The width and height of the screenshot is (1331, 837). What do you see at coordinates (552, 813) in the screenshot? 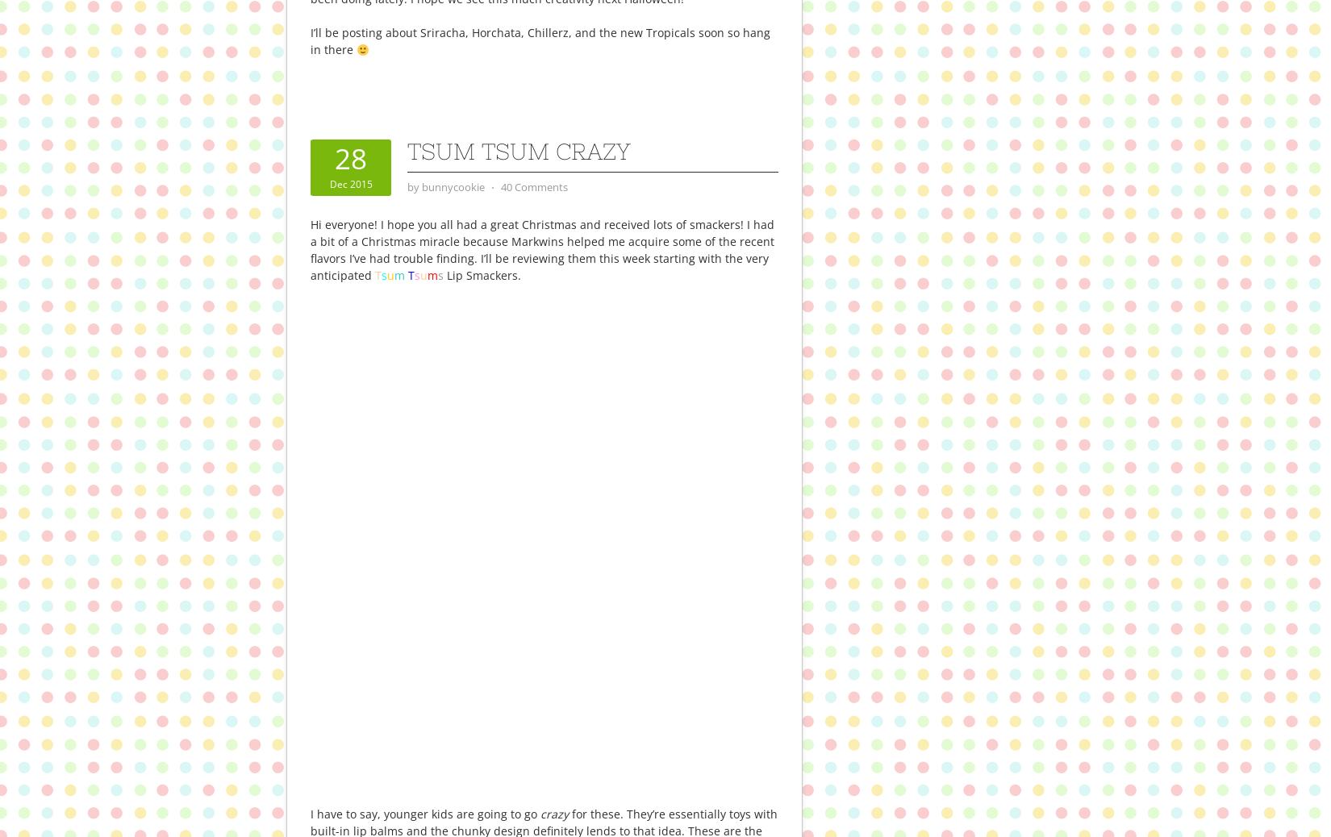
I see `'crazy'` at bounding box center [552, 813].